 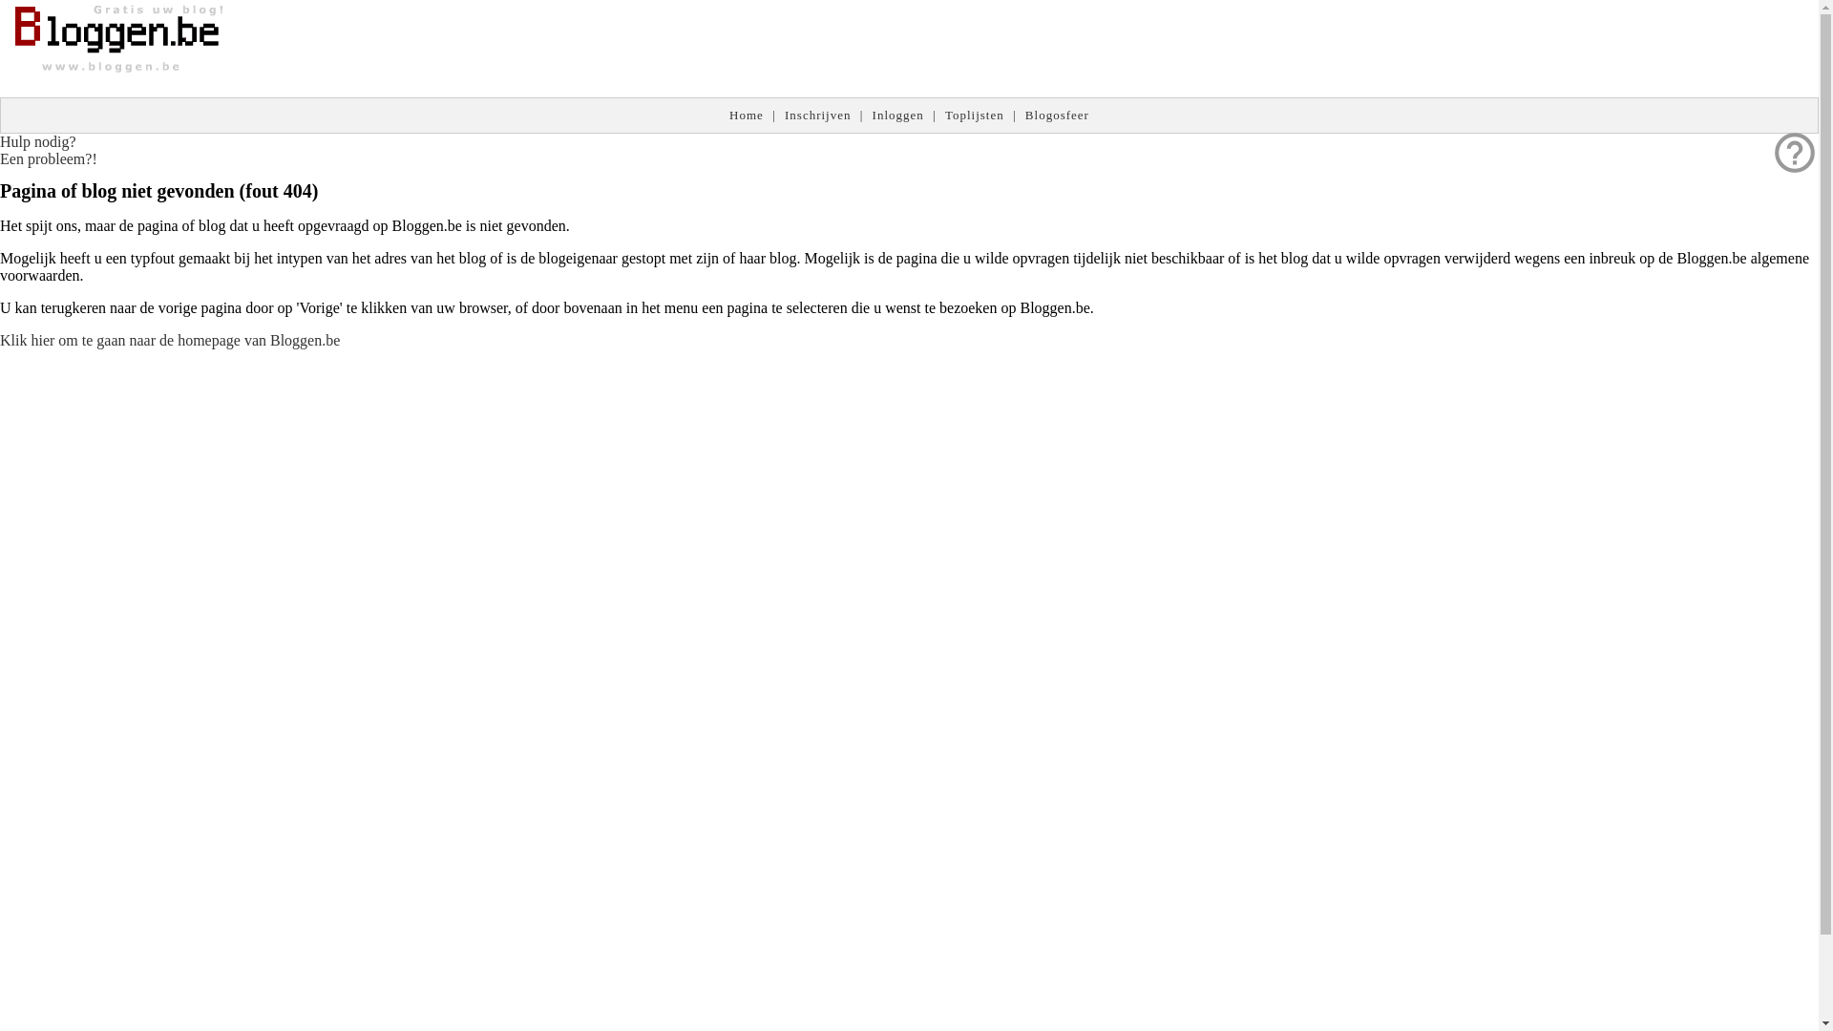 I want to click on 'help_outline, so click(x=49, y=149).